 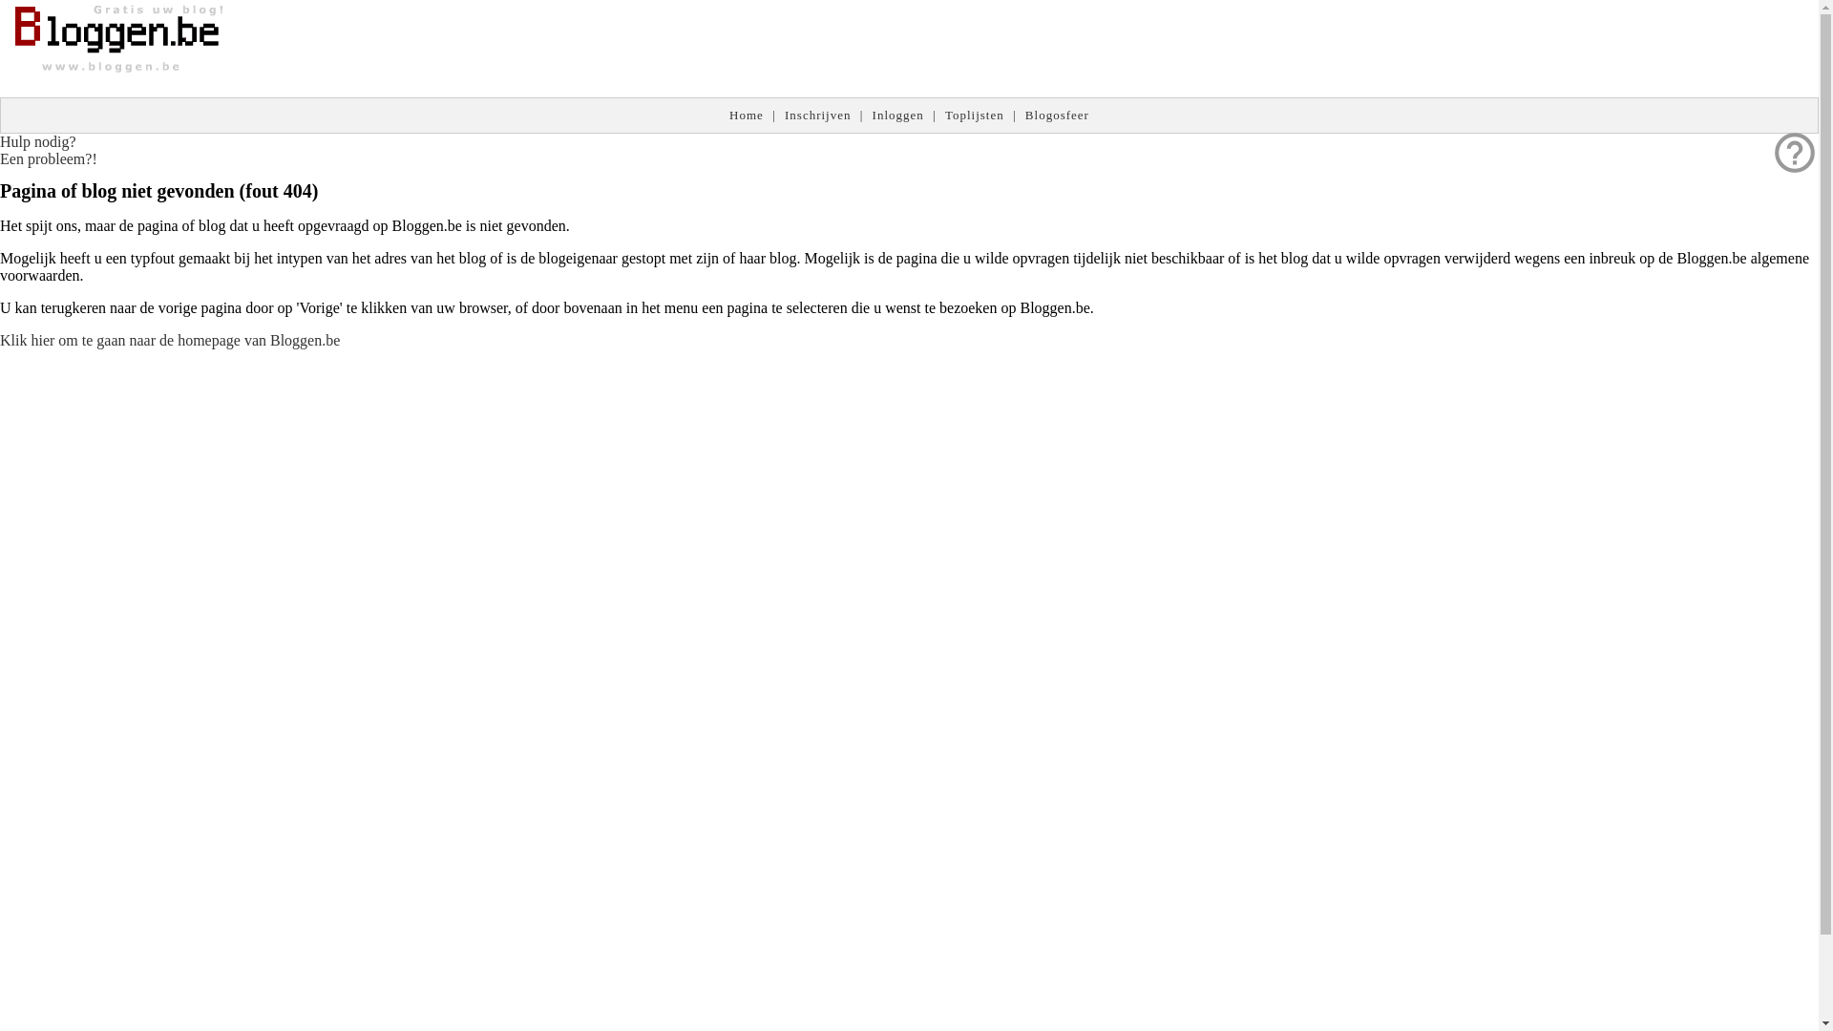 I want to click on 'help_outline, so click(x=49, y=149).